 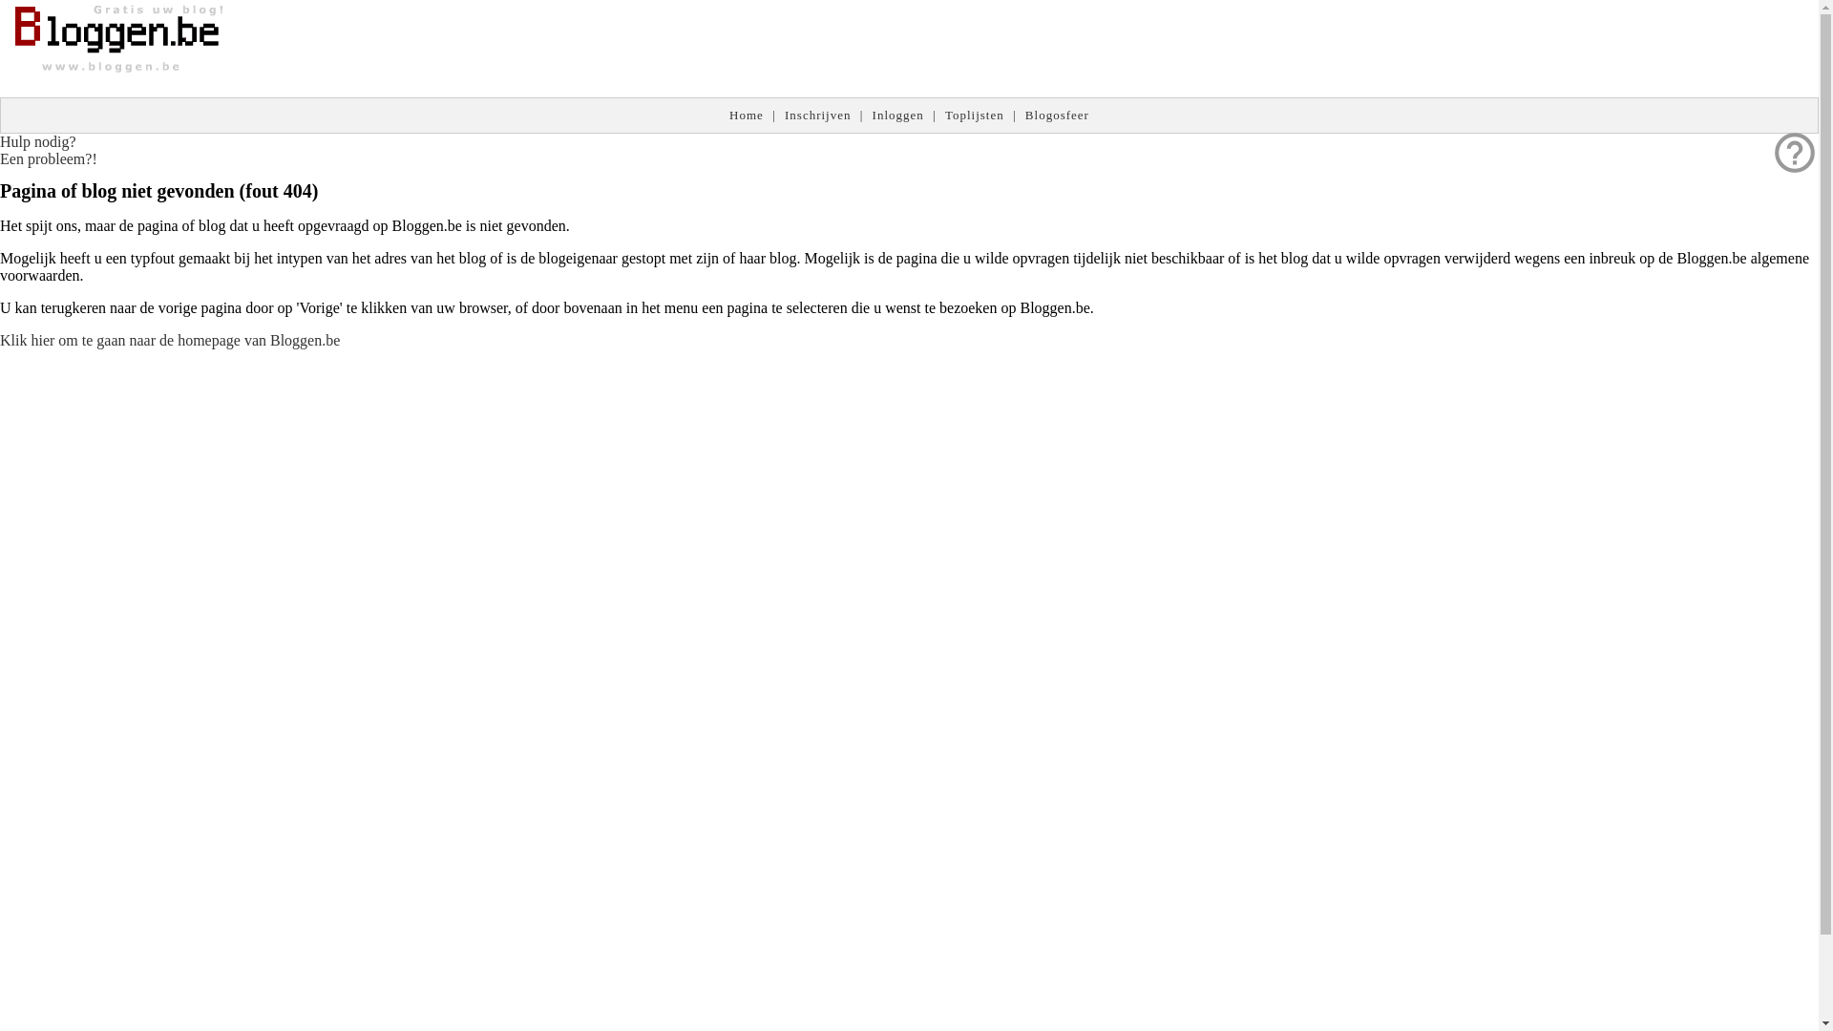 I want to click on 'help_outline, so click(x=49, y=149).